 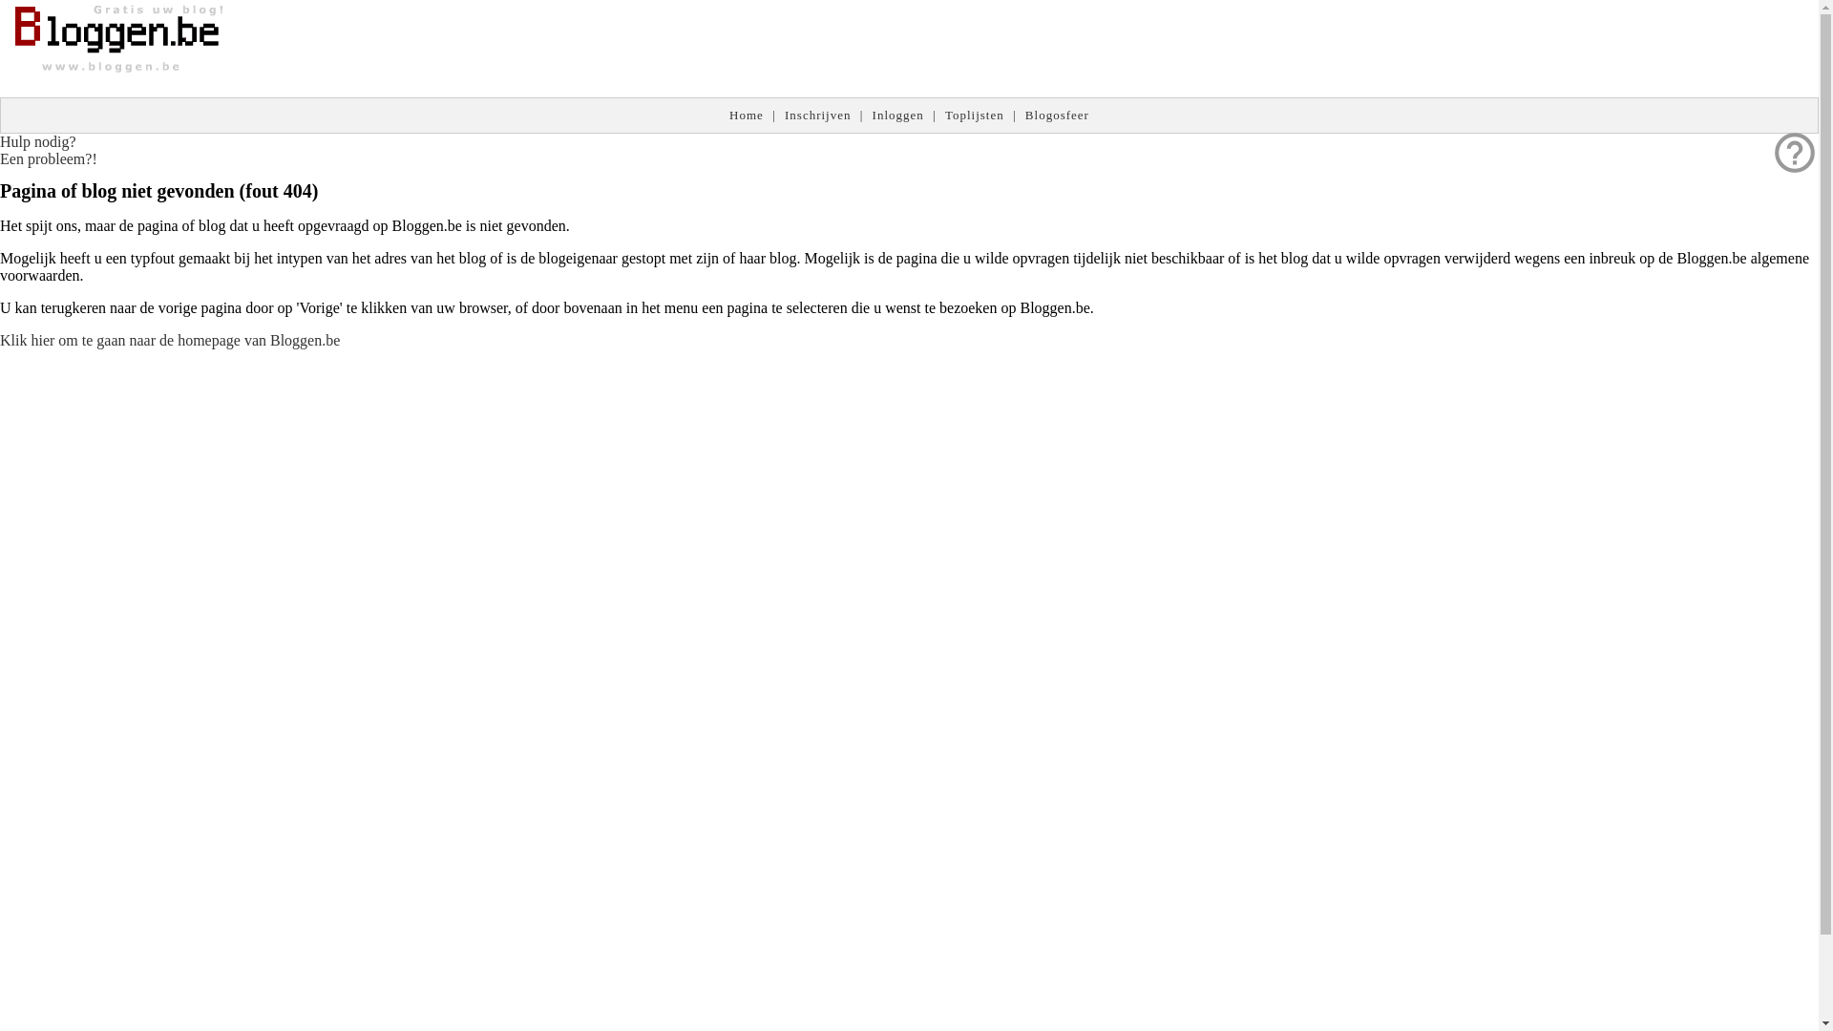 I want to click on 'help_outline, so click(x=49, y=149).